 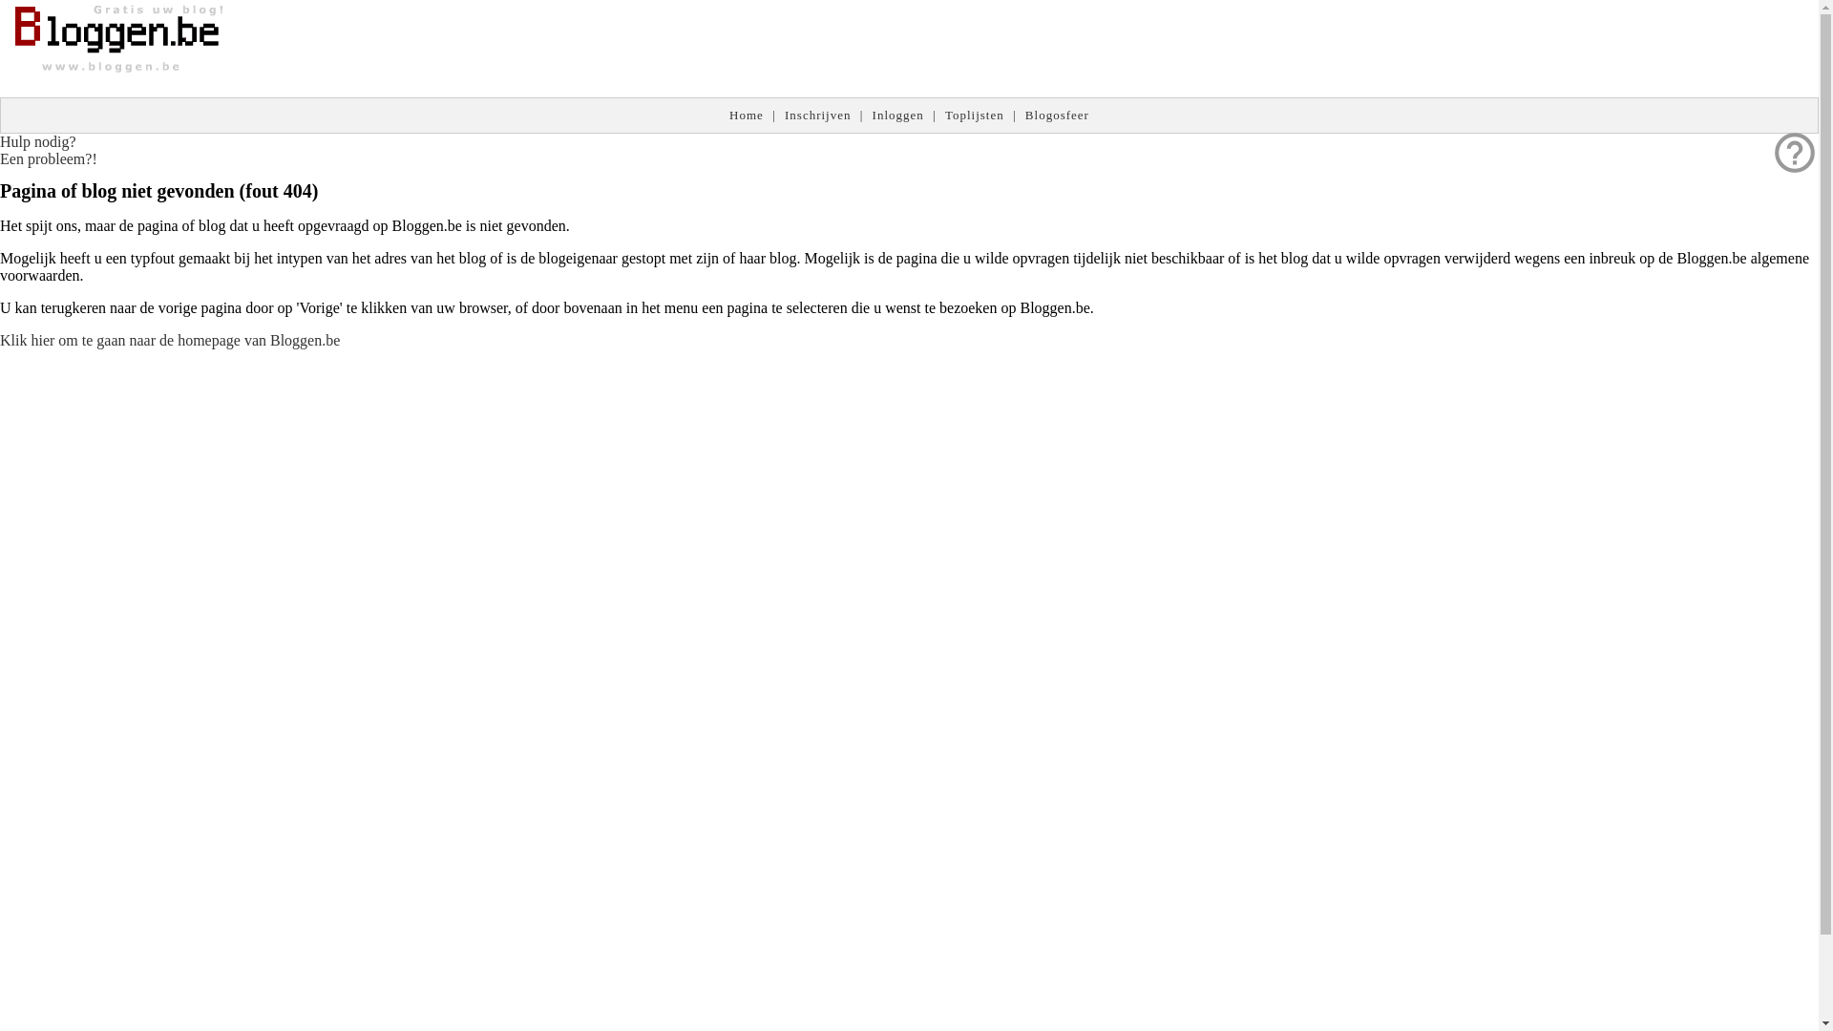 I want to click on 'help_outline, so click(x=49, y=149).